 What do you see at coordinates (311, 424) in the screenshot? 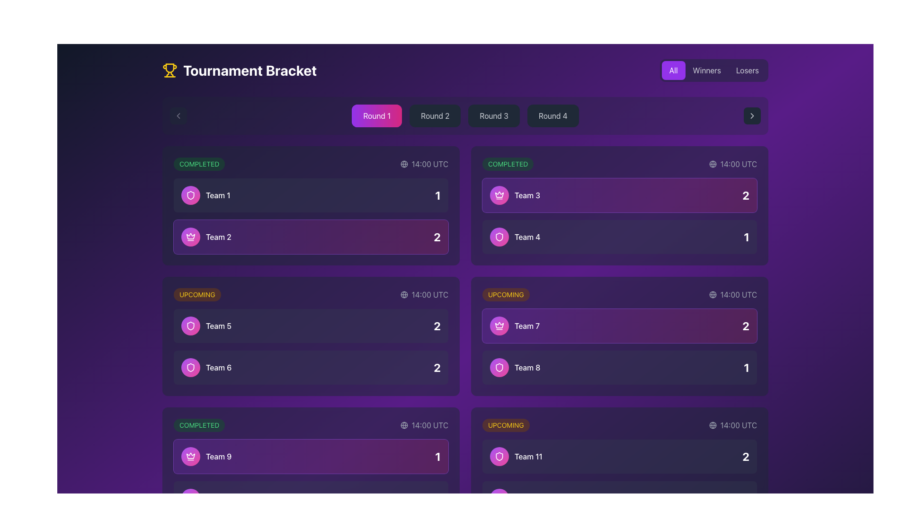
I see `the green badge labeled 'COMPLETED'` at bounding box center [311, 424].